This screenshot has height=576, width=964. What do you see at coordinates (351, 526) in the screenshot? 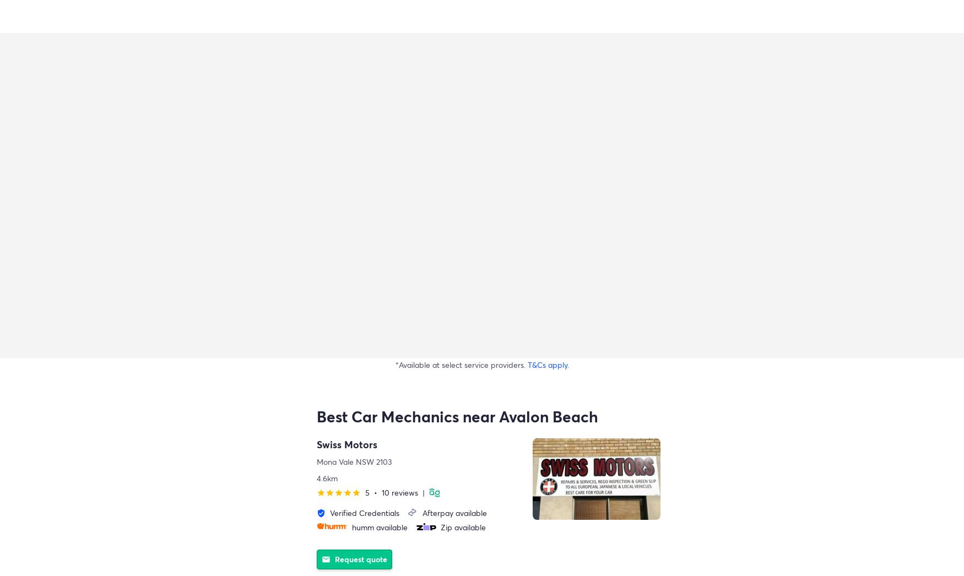
I see `'humm available'` at bounding box center [351, 526].